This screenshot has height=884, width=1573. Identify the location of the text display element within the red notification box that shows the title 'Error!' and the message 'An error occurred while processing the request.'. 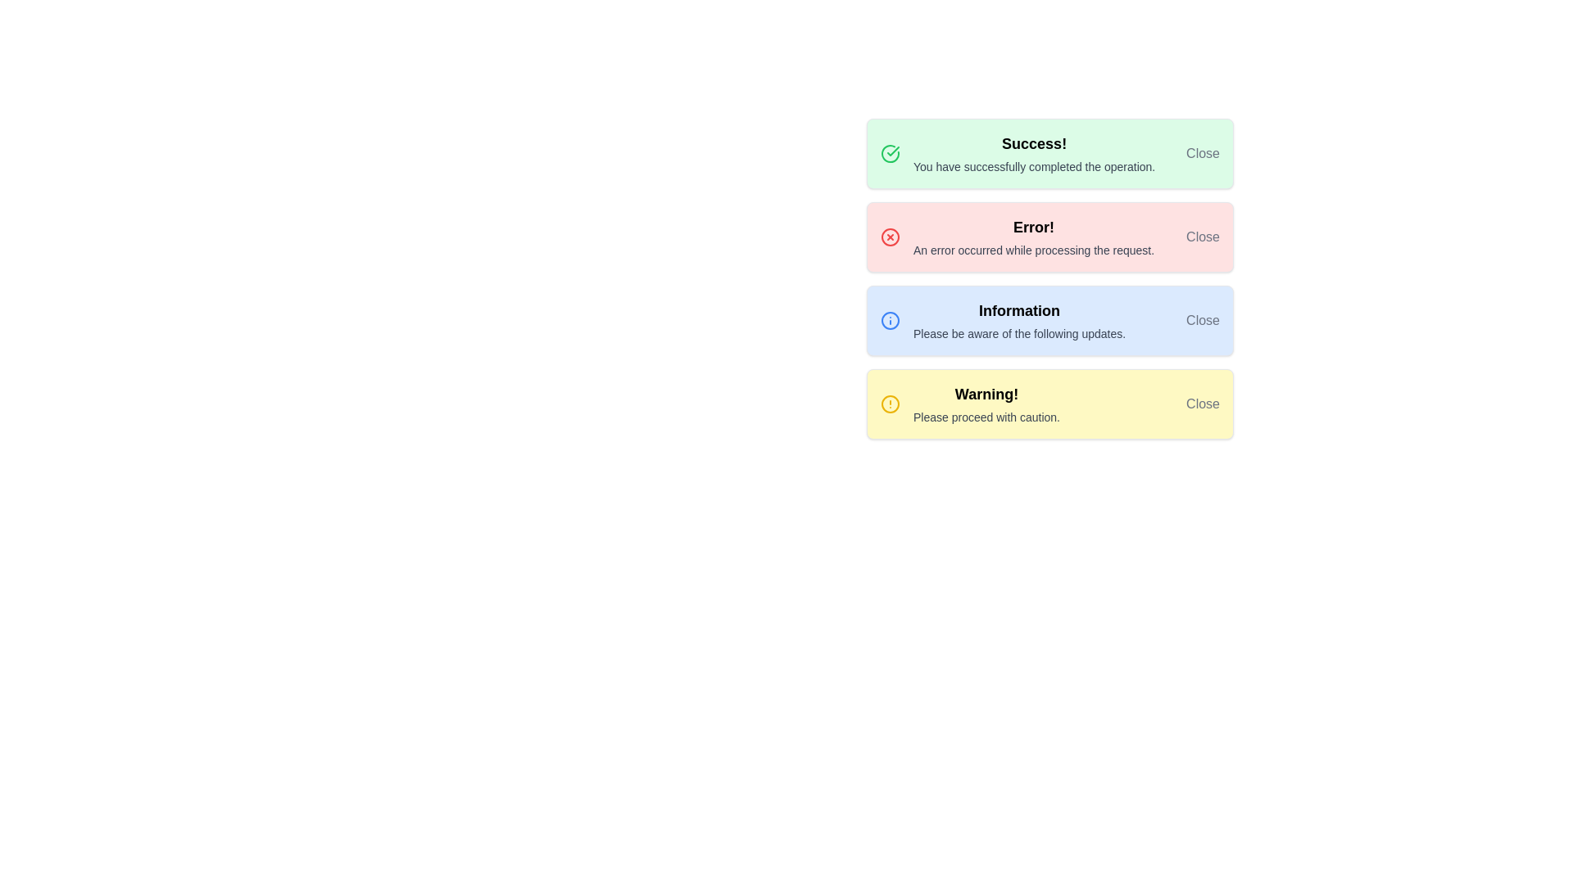
(1033, 237).